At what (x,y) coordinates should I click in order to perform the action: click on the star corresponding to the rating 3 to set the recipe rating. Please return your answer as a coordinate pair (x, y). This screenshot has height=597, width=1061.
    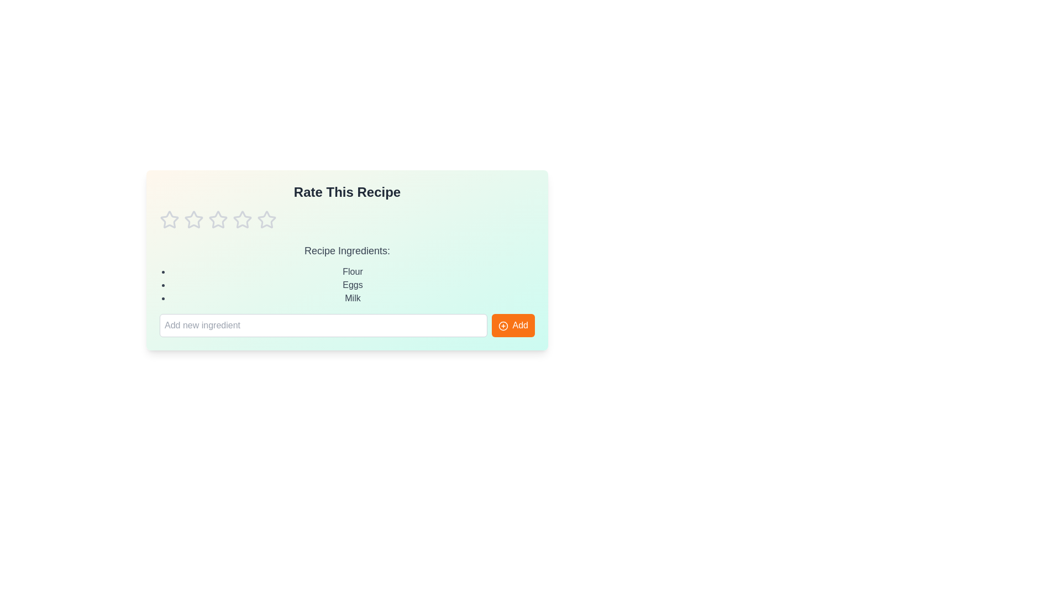
    Looking at the image, I should click on (218, 219).